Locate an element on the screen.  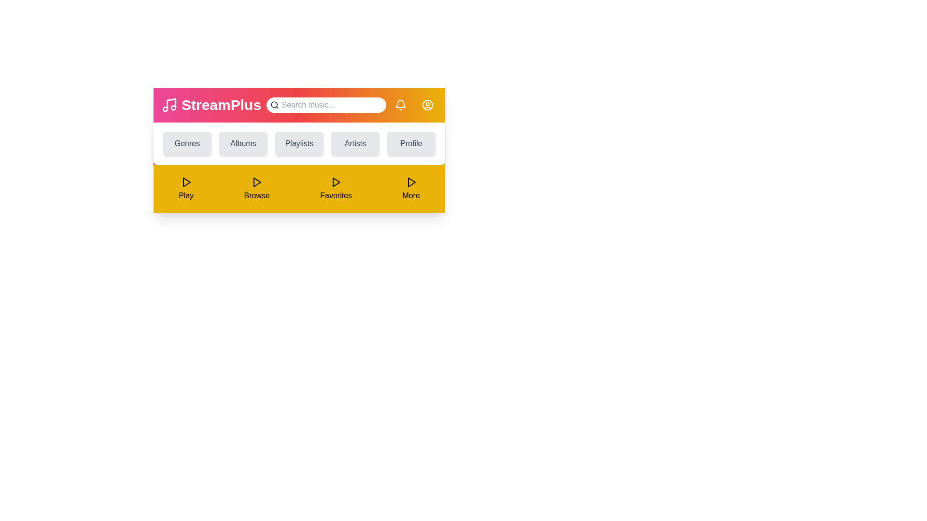
'Albums' button to navigate to the albums section is located at coordinates (243, 143).